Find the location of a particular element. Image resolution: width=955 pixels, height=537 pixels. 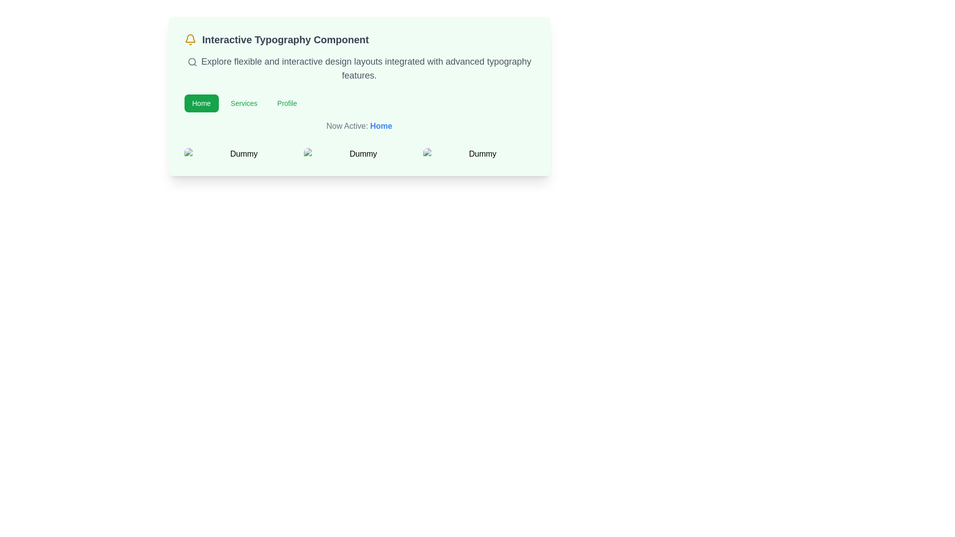

the bold, blue-colored text label reading 'Home' which is part of the phrase 'Now Active: Home'. This element is positioned slightly below the top navigation section, near the center of the interface is located at coordinates (381, 125).